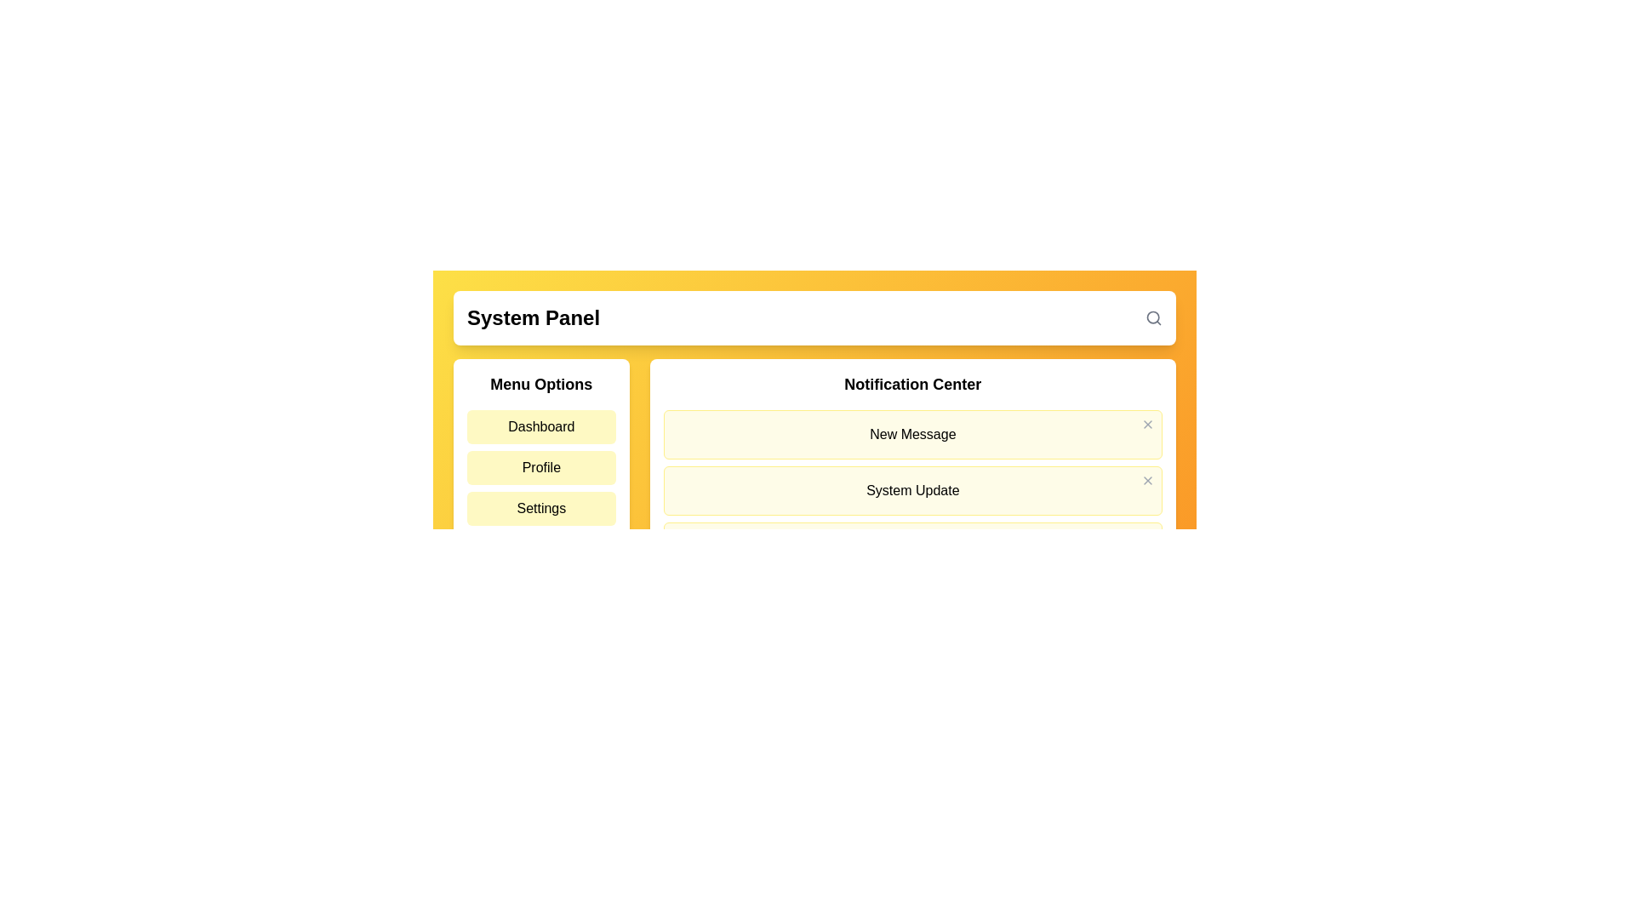 The width and height of the screenshot is (1634, 919). What do you see at coordinates (540, 472) in the screenshot?
I see `the 'Profile' button, which is a light yellow rectangular box located between the 'Dashboard' and 'Settings' buttons in the 'Menu Options' section` at bounding box center [540, 472].